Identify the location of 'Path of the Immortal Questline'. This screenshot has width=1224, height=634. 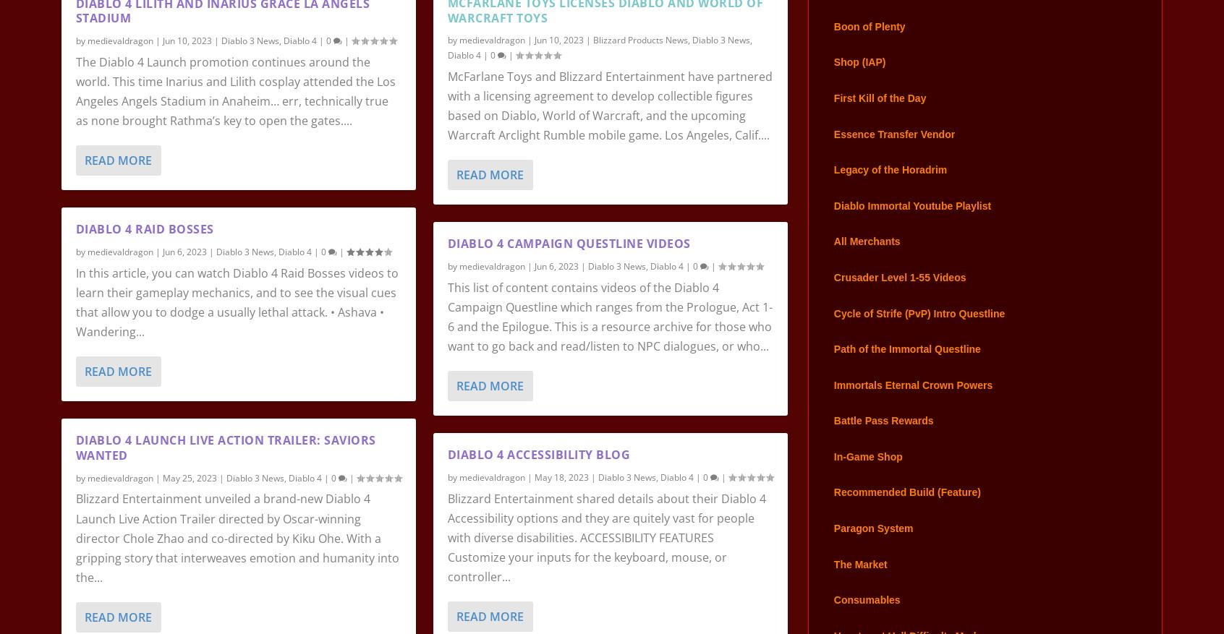
(833, 367).